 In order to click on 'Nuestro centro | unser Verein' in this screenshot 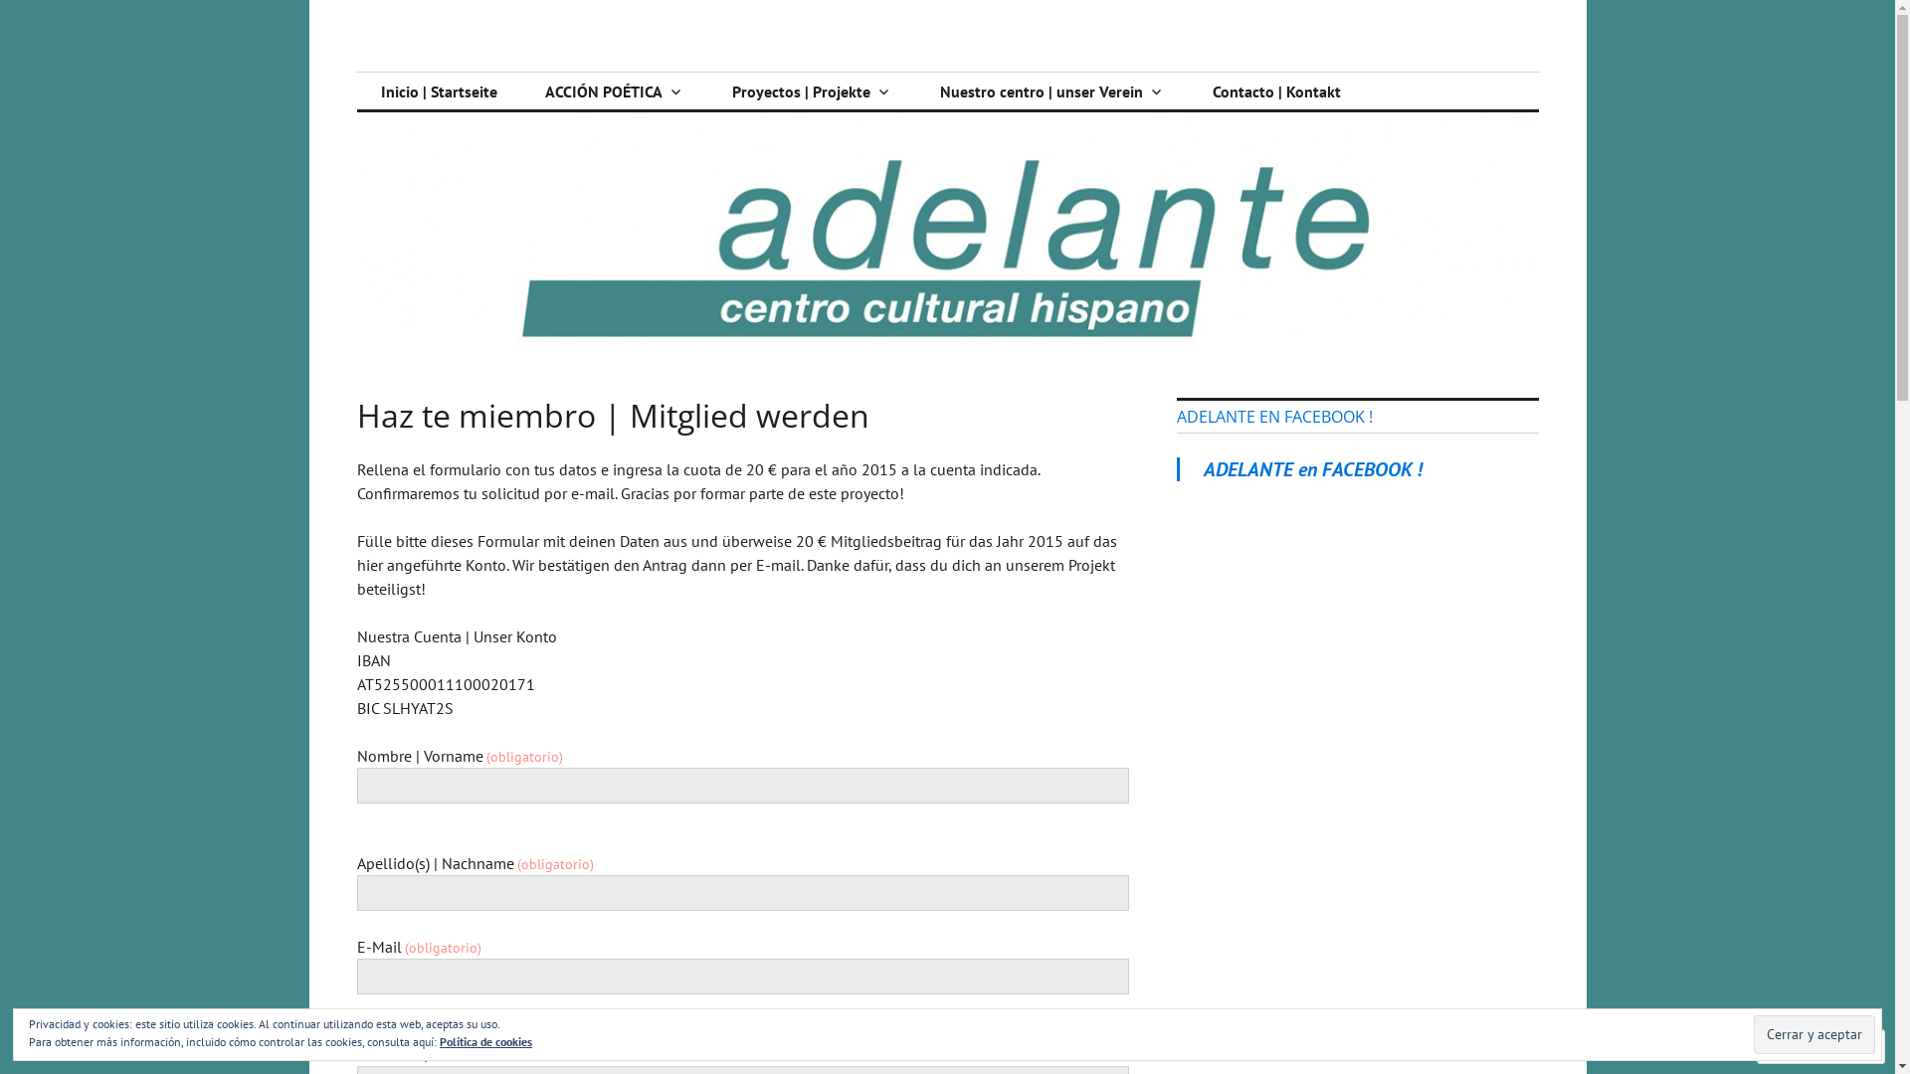, I will do `click(1050, 91)`.